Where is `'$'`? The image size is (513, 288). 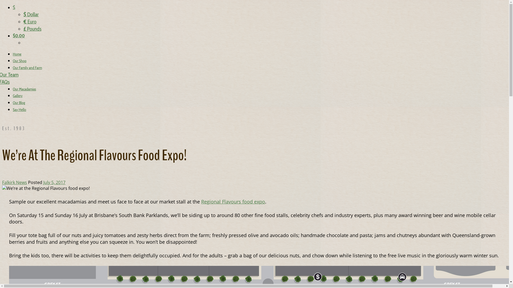
'$' is located at coordinates (14, 7).